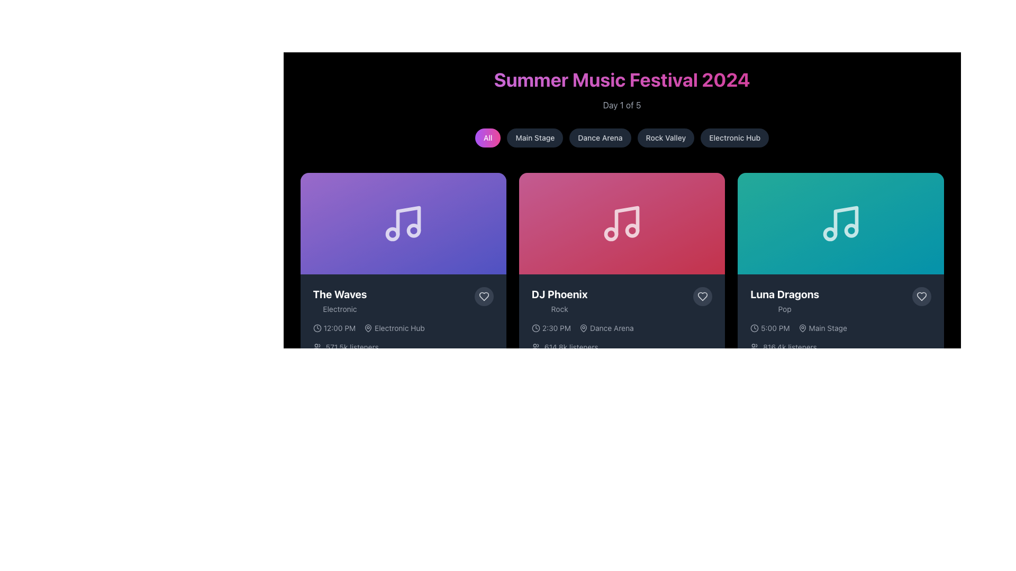  I want to click on the listener count icon located at the bottom-right corner of the third card for 'Luna Dragons', which visually represents the listener metrics alongside the text '816.4k listeners', so click(754, 347).